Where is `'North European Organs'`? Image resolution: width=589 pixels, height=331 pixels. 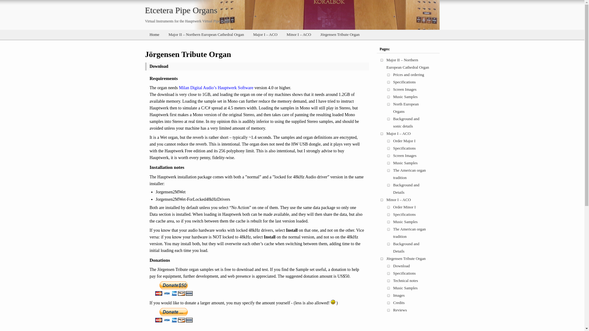 'North European Organs' is located at coordinates (406, 107).